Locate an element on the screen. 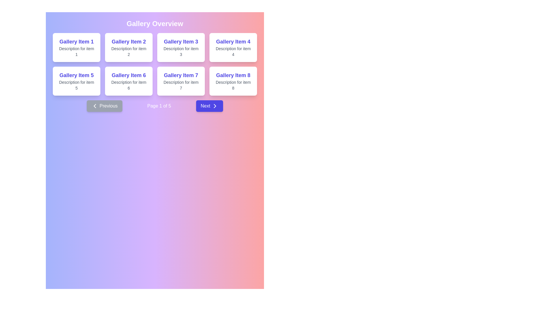 Image resolution: width=557 pixels, height=313 pixels. the text label located centrally in the sixth card of a grid layout, positioned above the description text 'Description for item 6' is located at coordinates (129, 75).